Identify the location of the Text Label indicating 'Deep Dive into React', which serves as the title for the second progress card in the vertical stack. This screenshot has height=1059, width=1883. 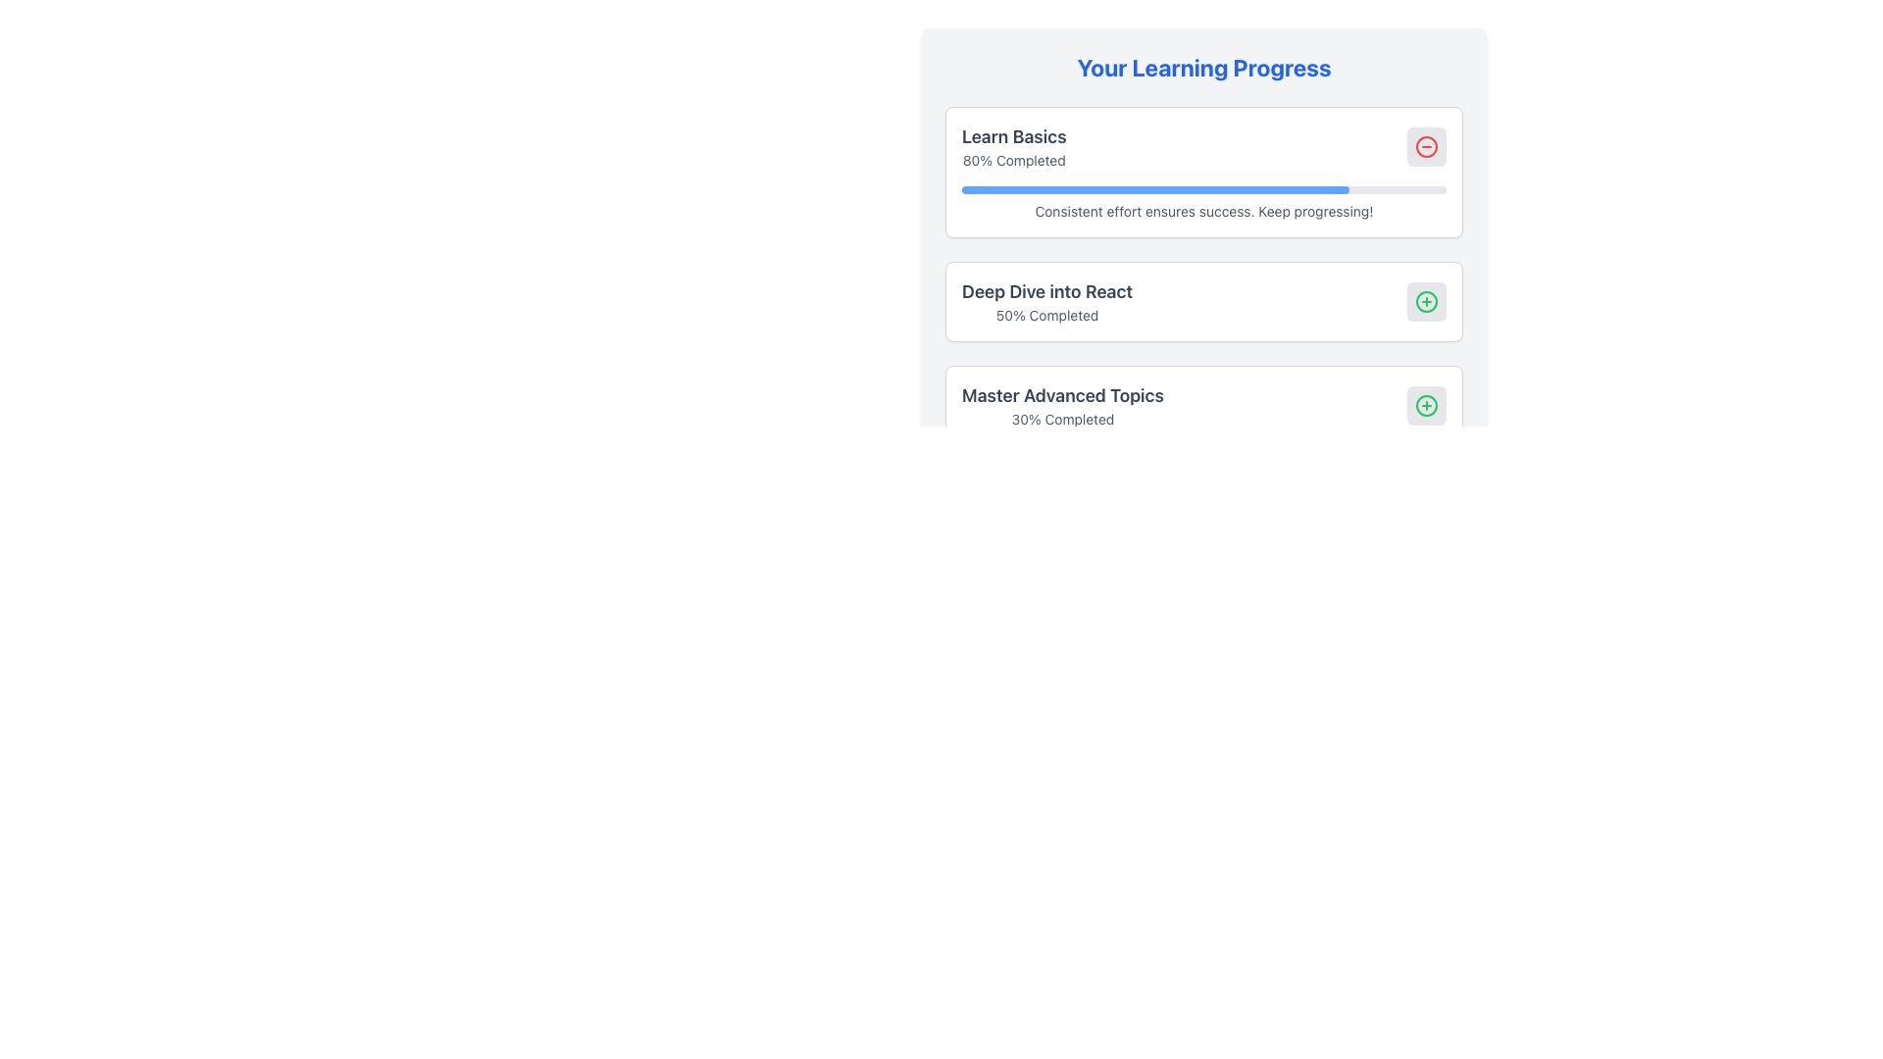
(1046, 291).